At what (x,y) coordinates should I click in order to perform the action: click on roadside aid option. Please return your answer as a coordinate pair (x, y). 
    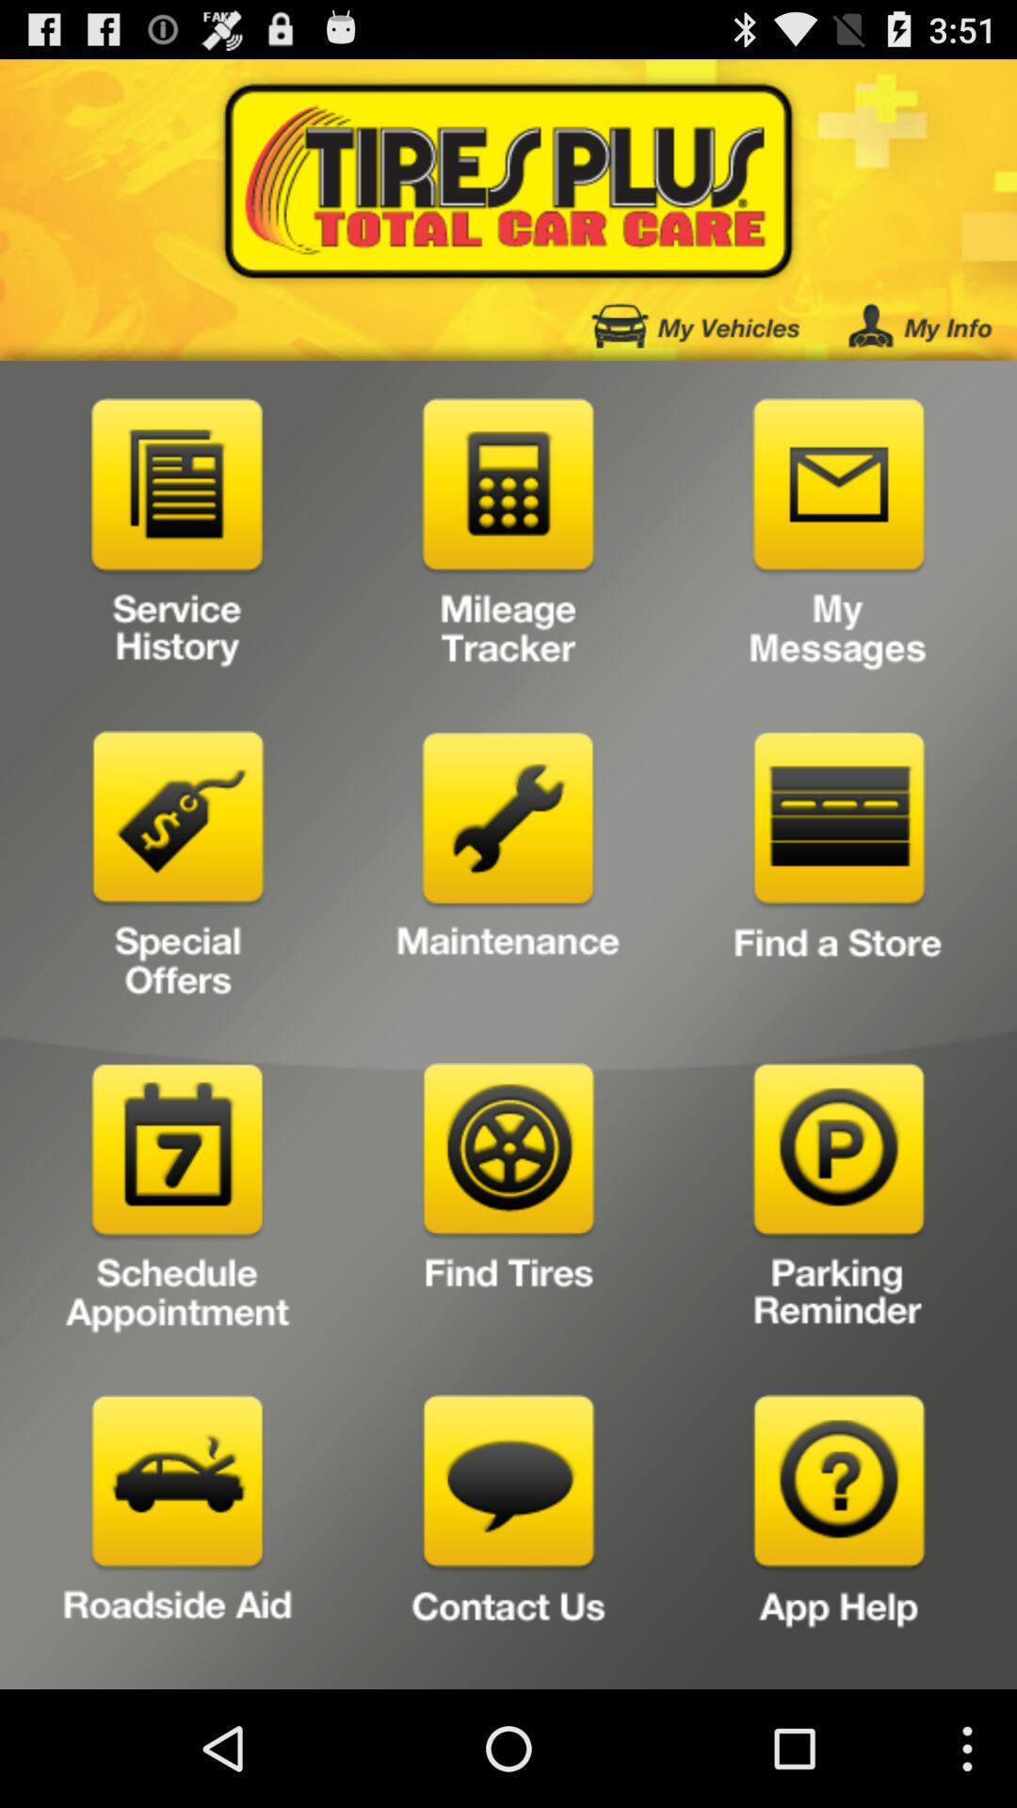
    Looking at the image, I should click on (178, 1535).